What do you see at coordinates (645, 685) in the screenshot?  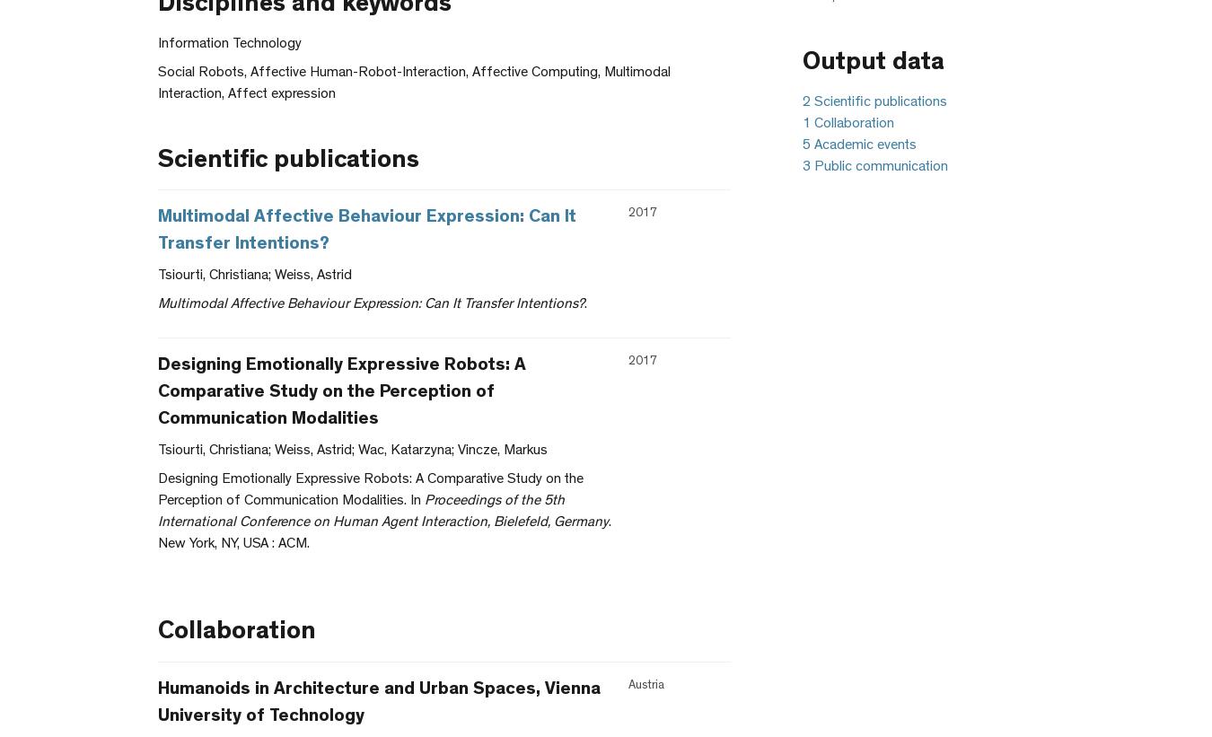 I see `'Austria'` at bounding box center [645, 685].